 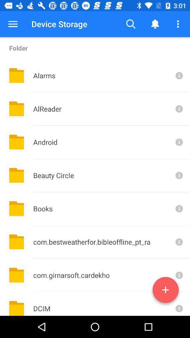 What do you see at coordinates (178, 208) in the screenshot?
I see `open information` at bounding box center [178, 208].